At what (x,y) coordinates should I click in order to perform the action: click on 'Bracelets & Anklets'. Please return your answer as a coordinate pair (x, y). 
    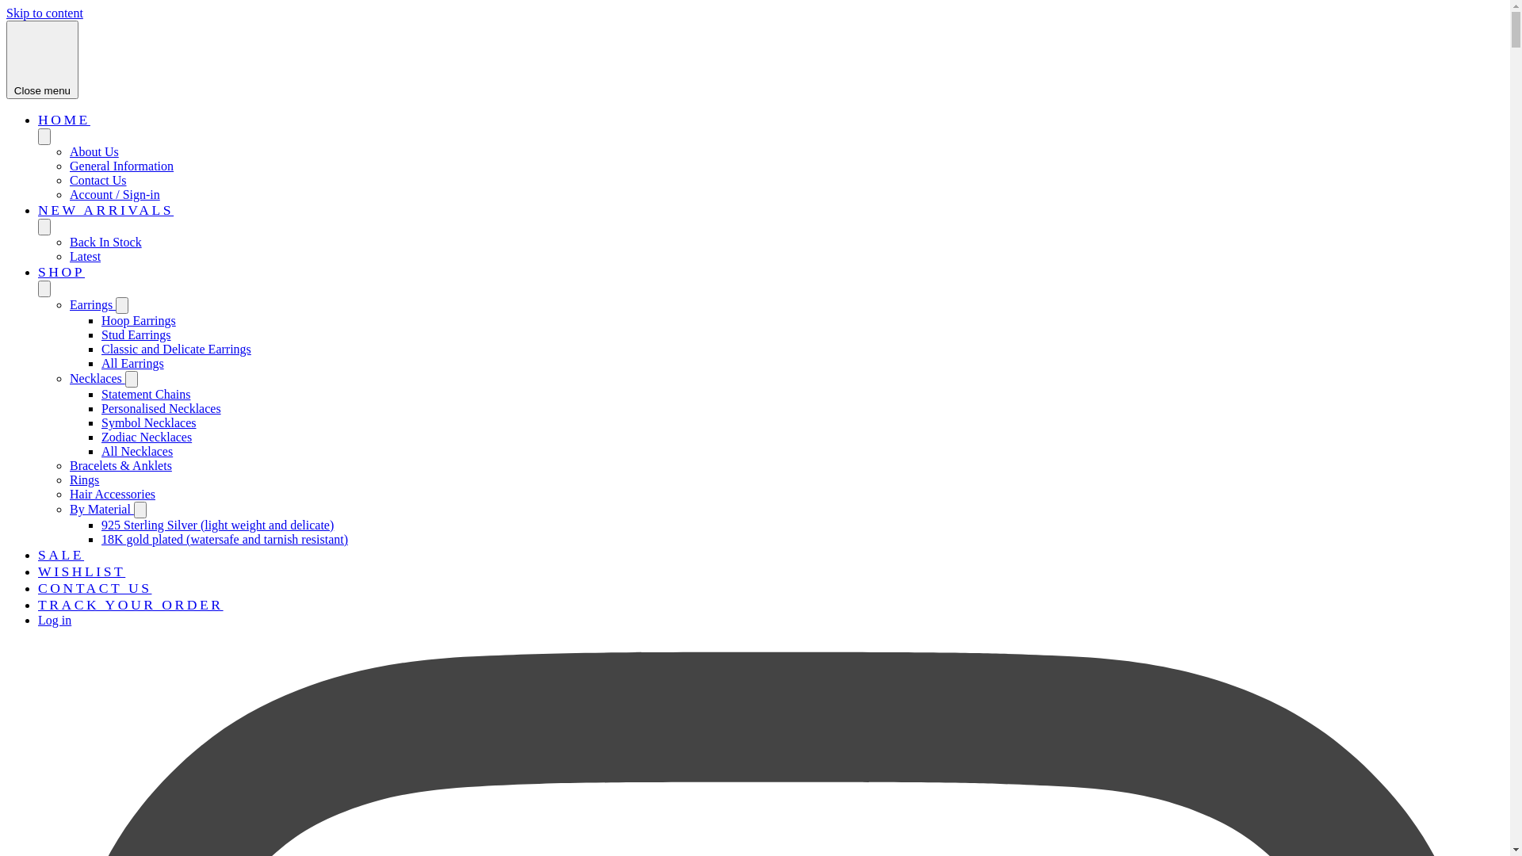
    Looking at the image, I should click on (120, 464).